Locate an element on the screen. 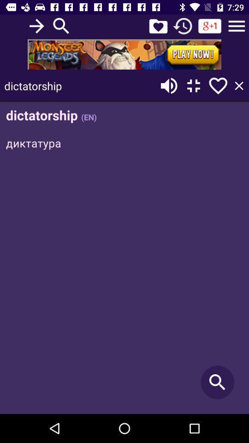 The image size is (249, 443). the favorite icon is located at coordinates (158, 25).